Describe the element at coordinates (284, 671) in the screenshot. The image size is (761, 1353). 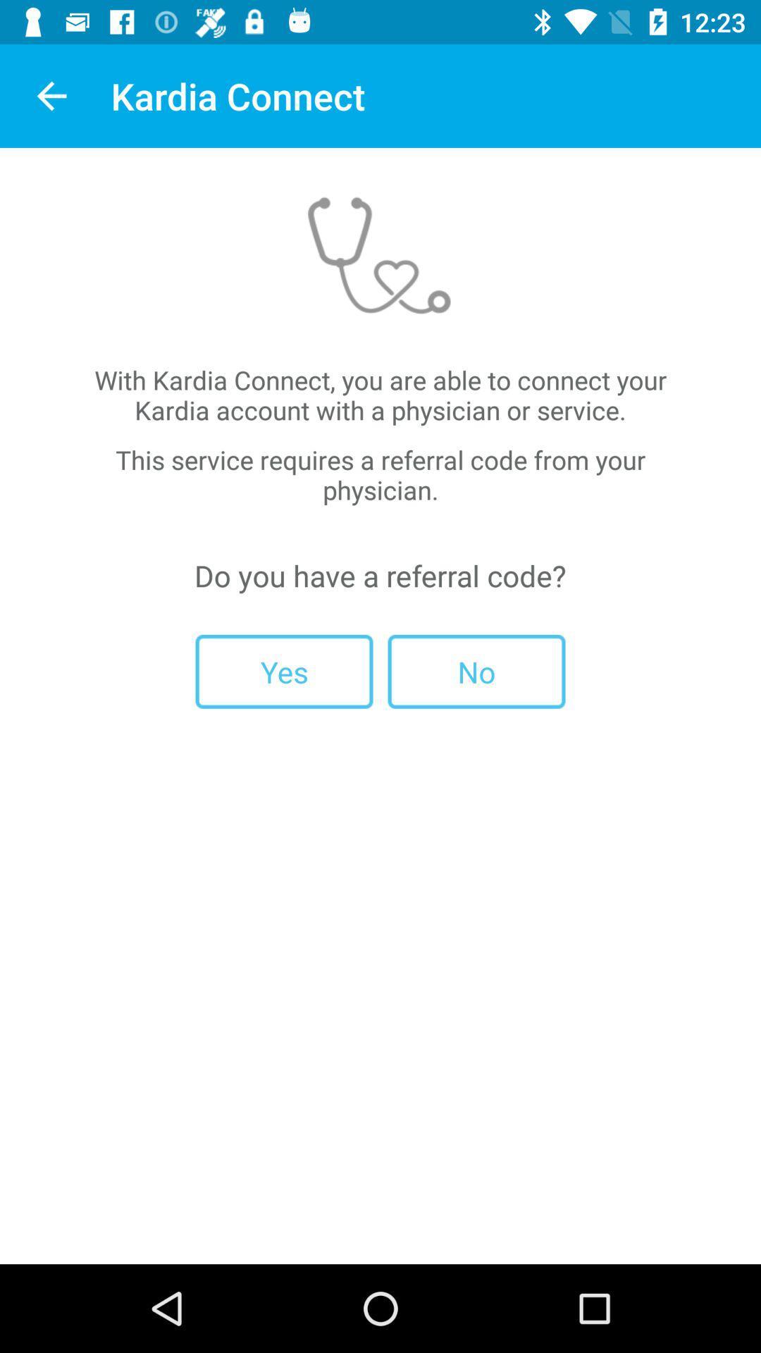
I see `the icon to the left of no` at that location.